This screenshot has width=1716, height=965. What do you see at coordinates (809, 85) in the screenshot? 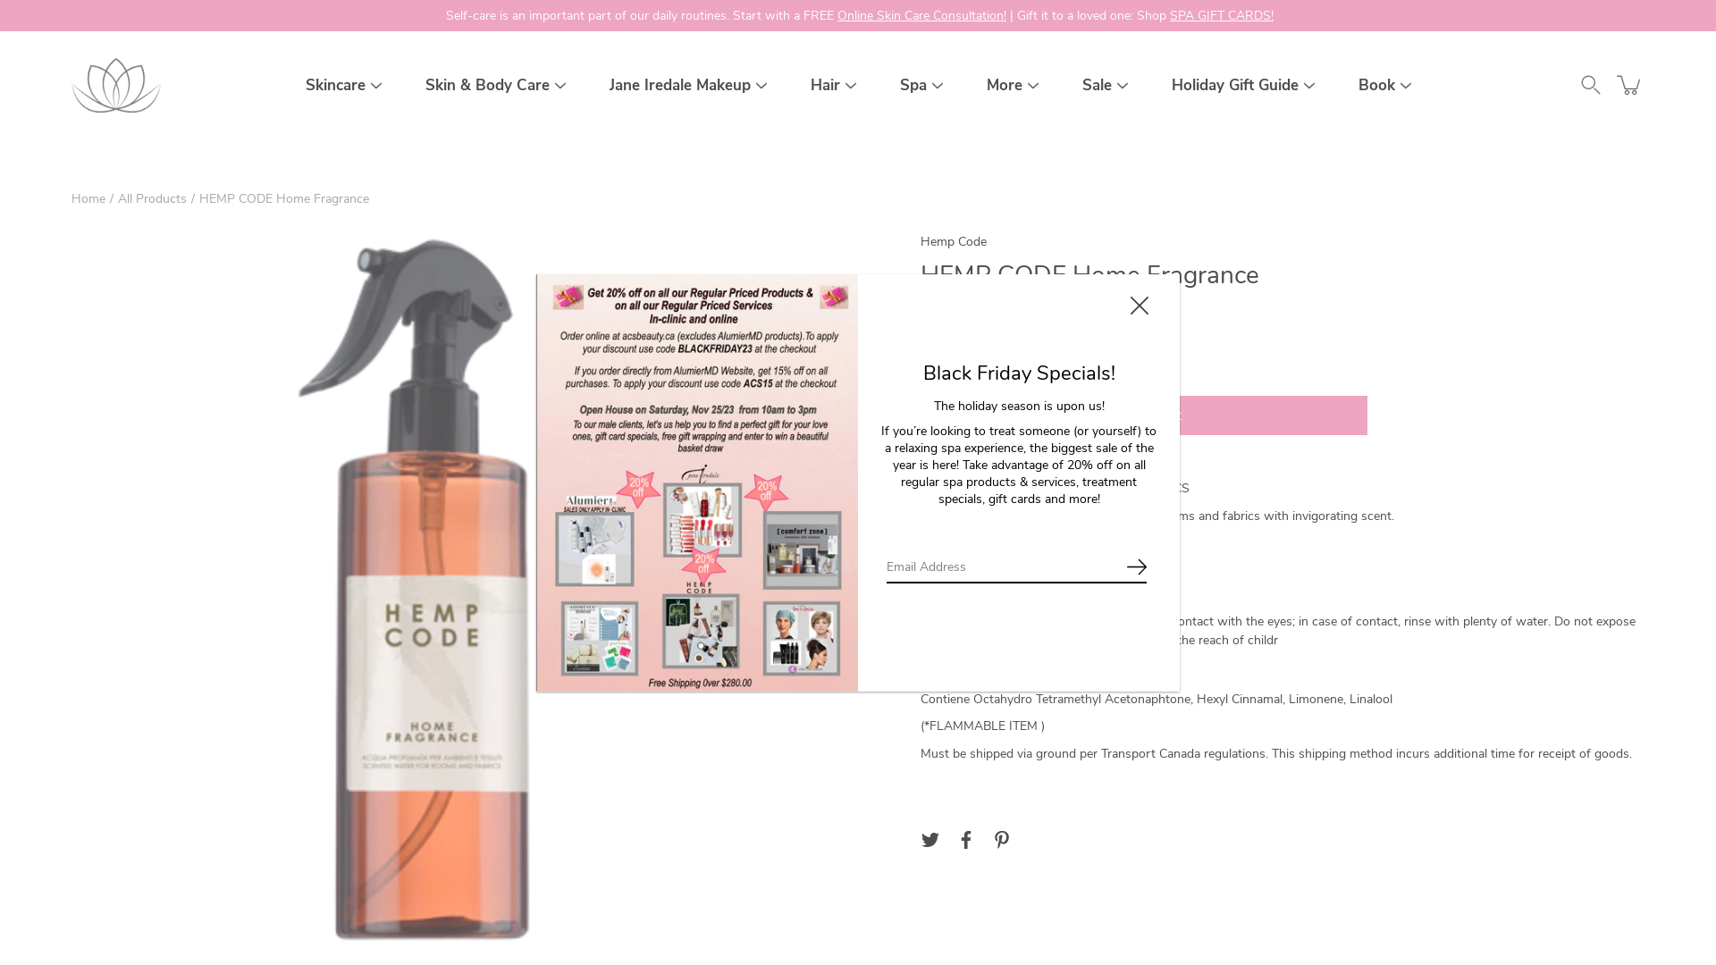
I see `'Hair'` at bounding box center [809, 85].